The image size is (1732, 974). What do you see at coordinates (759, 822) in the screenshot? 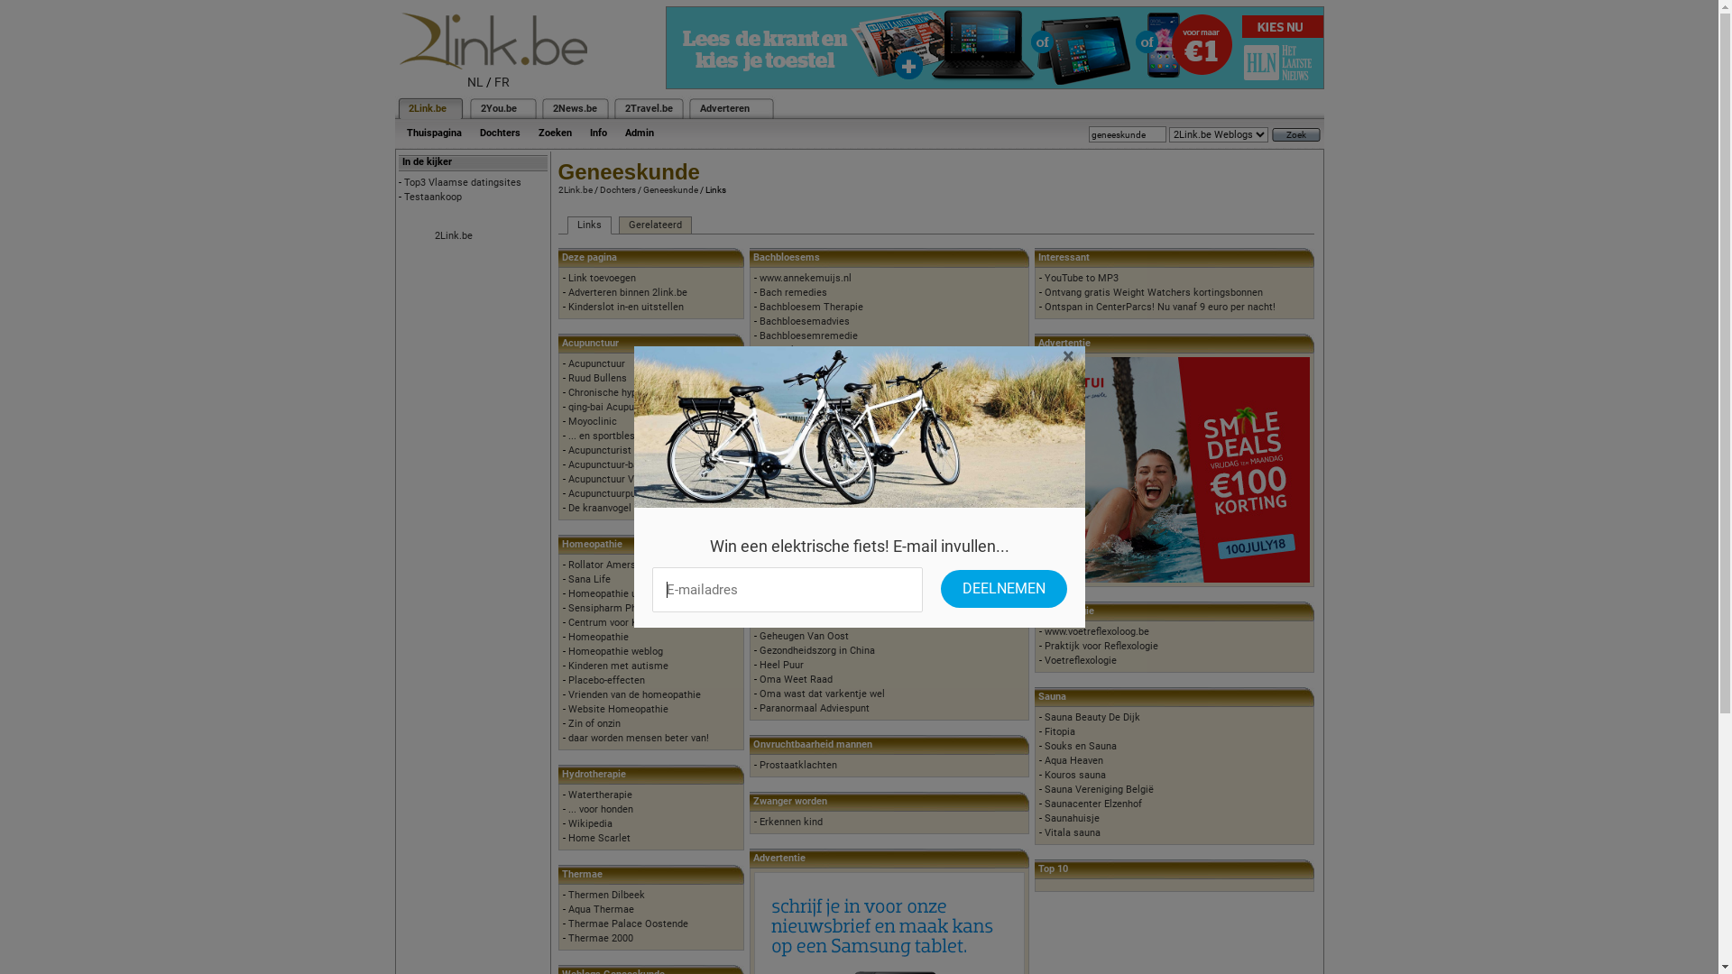
I see `'Erkennen kind'` at bounding box center [759, 822].